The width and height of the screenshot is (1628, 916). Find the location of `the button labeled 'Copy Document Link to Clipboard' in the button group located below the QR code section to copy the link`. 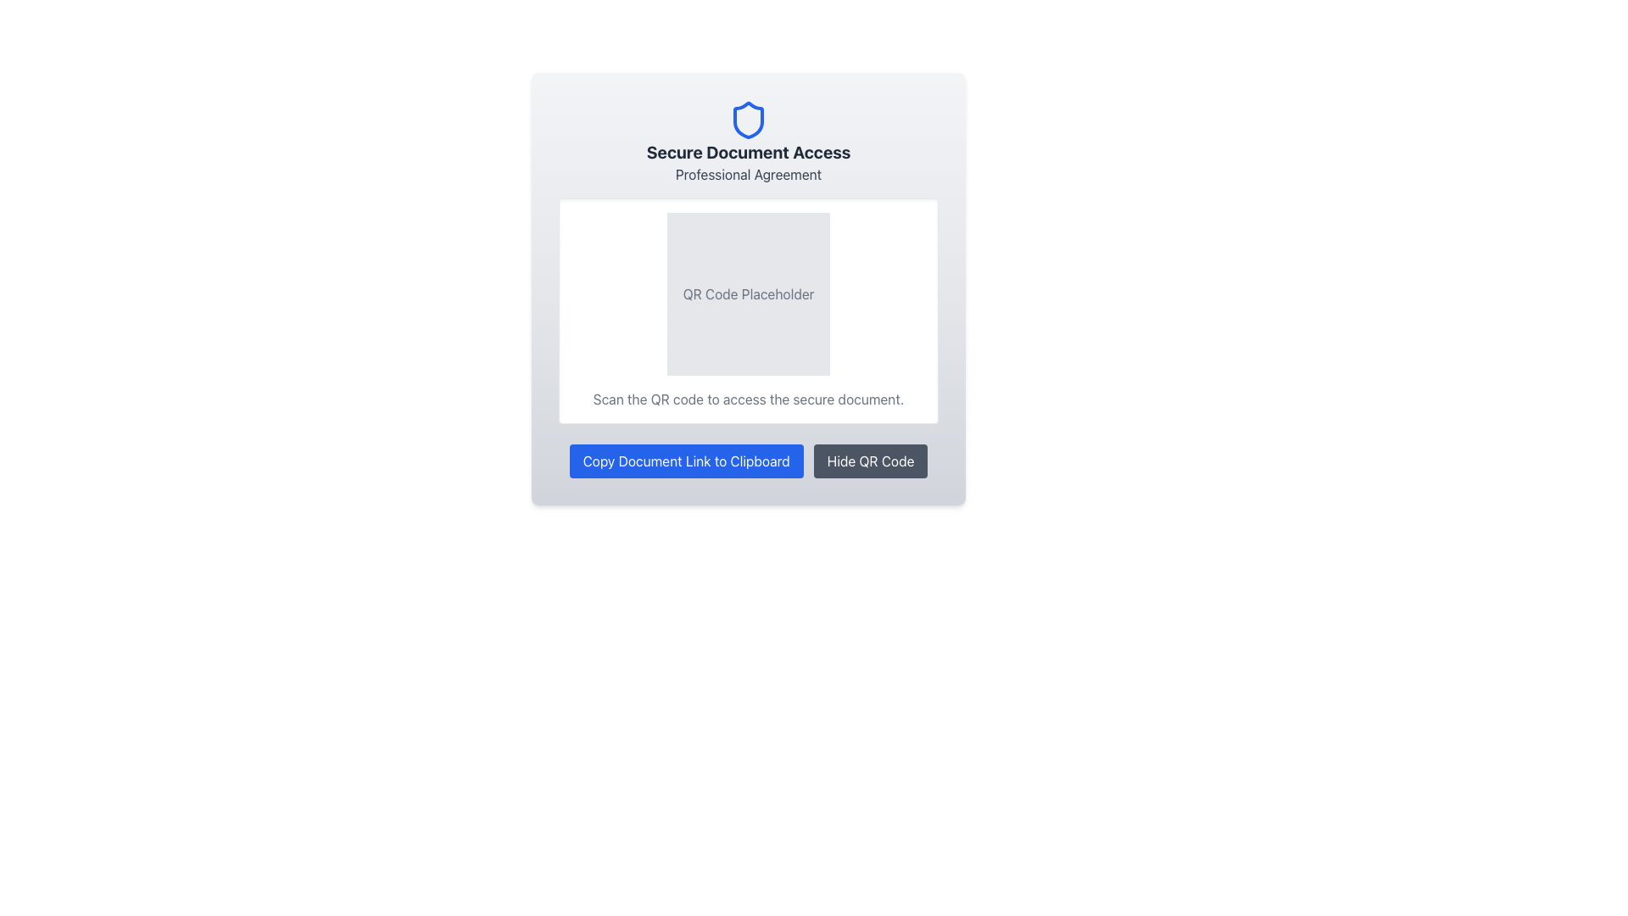

the button labeled 'Copy Document Link to Clipboard' in the button group located below the QR code section to copy the link is located at coordinates (748, 461).